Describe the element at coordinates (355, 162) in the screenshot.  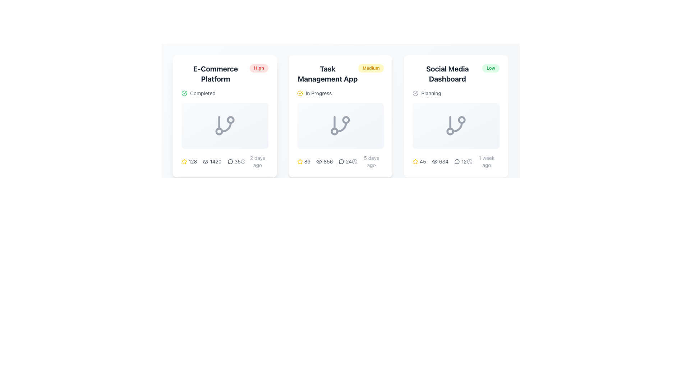
I see `the decorative circle SVG component of the clock icon in the Task Management App, located in the metrics section below the number of comments` at that location.